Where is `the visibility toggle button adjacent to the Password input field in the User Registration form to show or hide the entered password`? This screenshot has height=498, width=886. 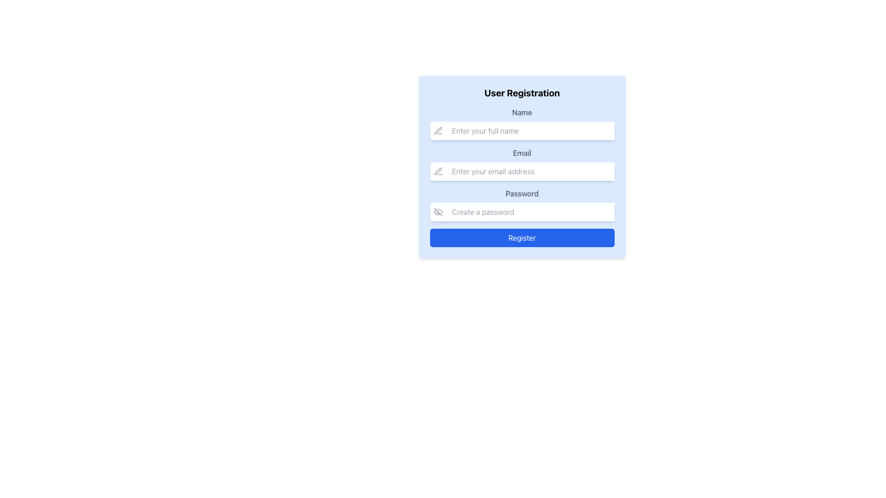
the visibility toggle button adjacent to the Password input field in the User Registration form to show or hide the entered password is located at coordinates (522, 204).